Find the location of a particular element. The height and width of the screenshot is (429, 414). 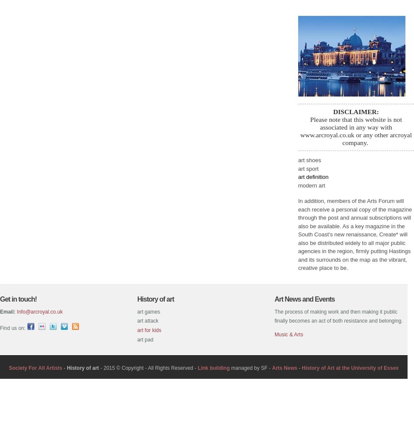

'art for kids' is located at coordinates (149, 330).